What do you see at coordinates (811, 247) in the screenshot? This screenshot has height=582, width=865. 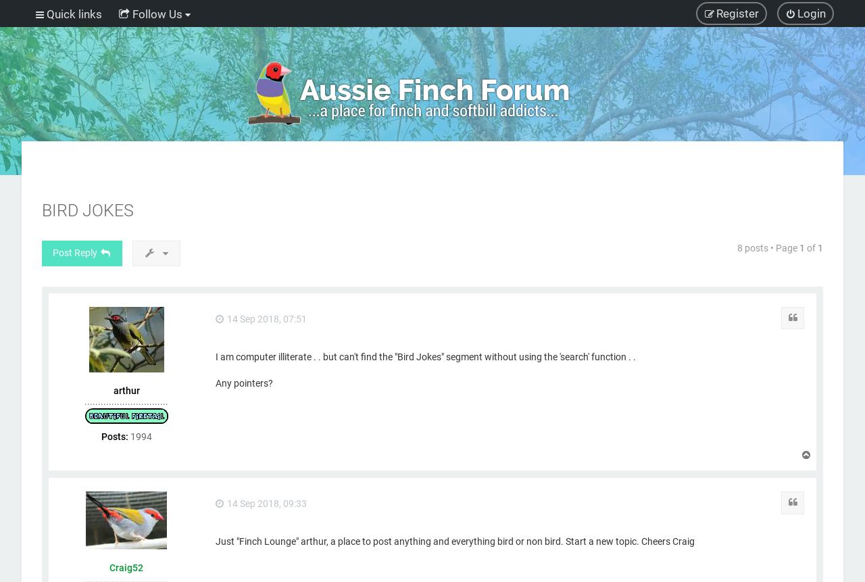 I see `'of'` at bounding box center [811, 247].